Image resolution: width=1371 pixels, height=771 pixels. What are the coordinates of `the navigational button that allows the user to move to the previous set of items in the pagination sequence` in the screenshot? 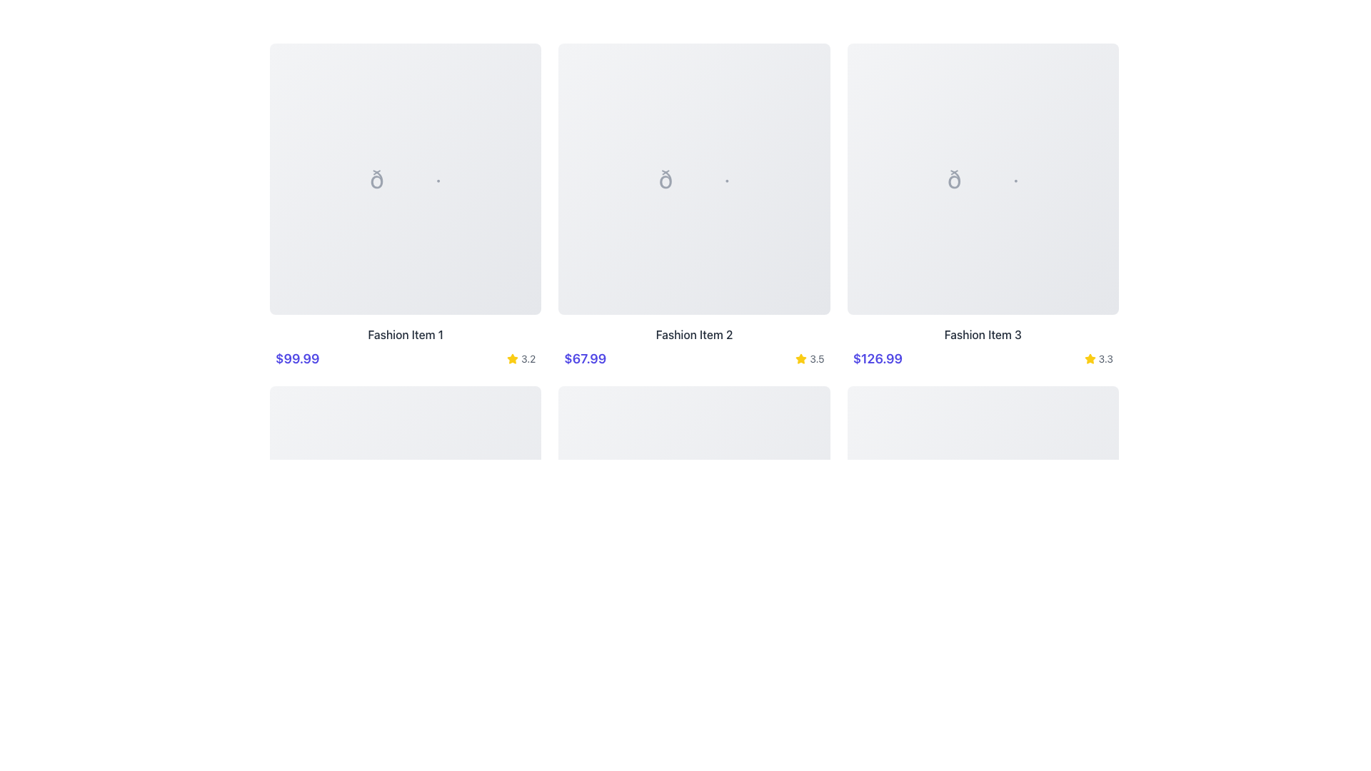 It's located at (616, 747).